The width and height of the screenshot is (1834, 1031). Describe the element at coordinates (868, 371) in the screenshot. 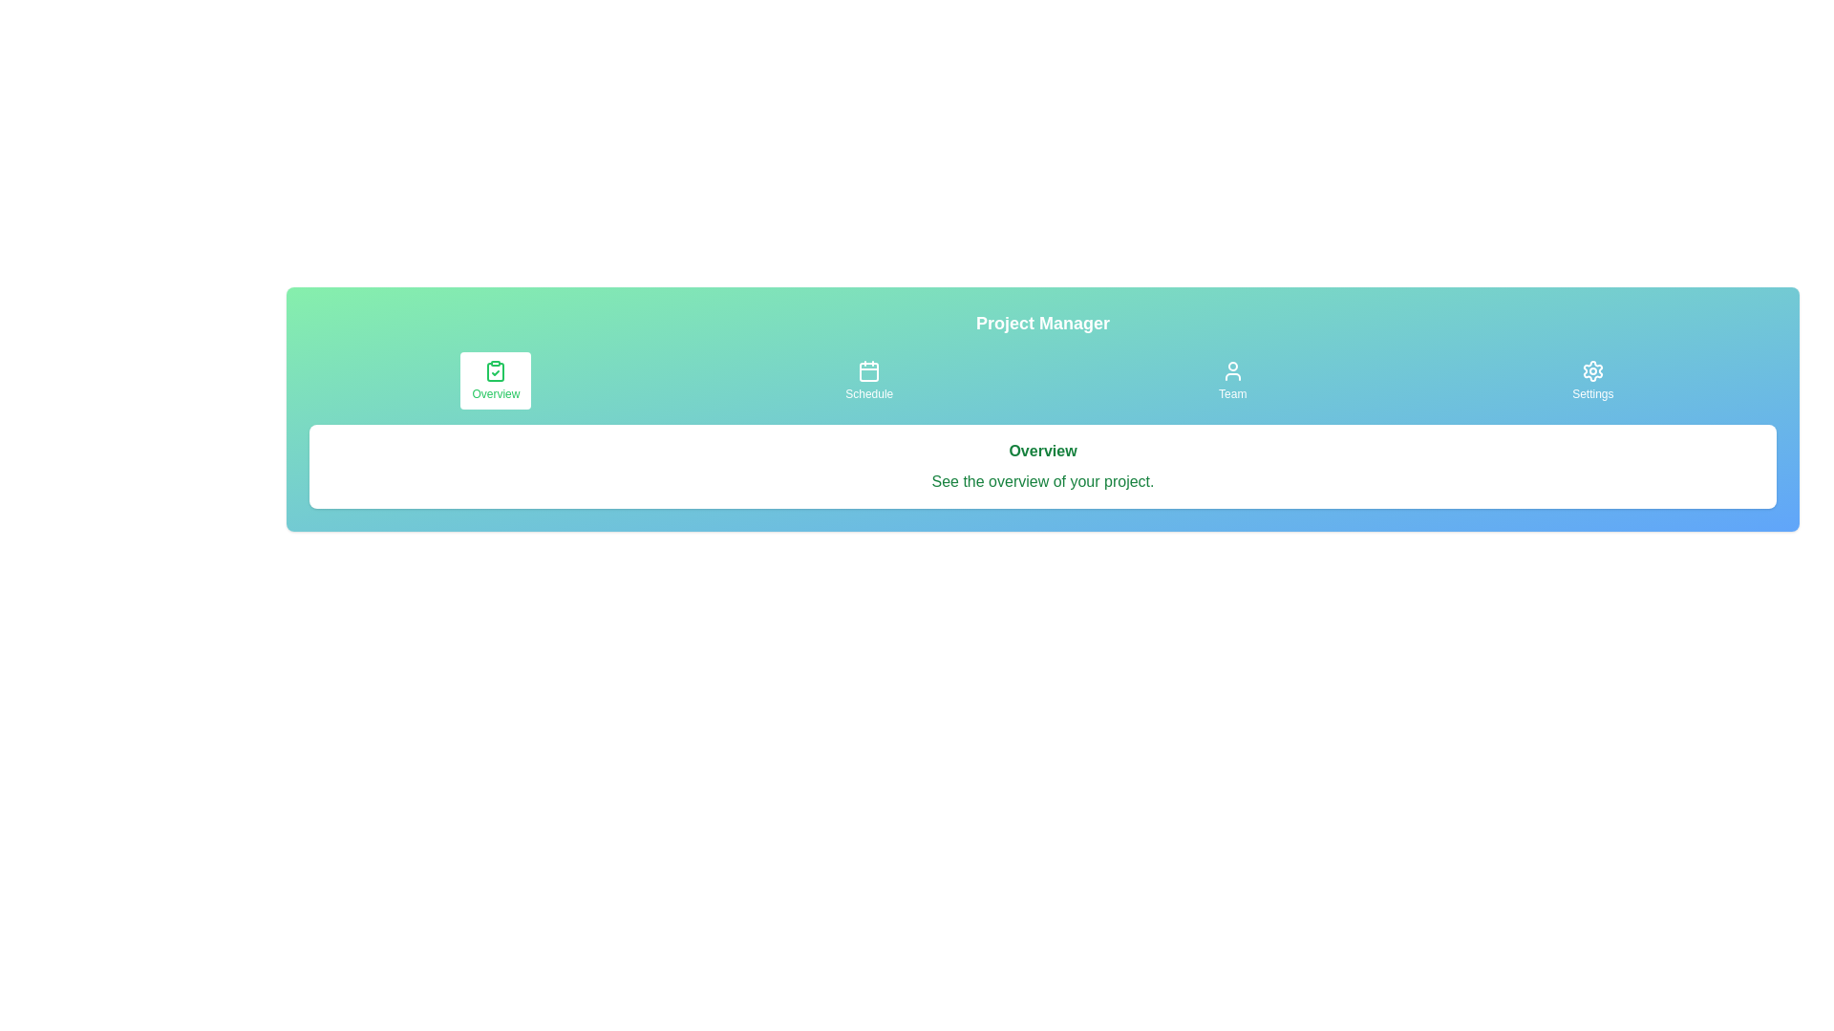

I see `the SVG rectangle component that represents the main body of the calendar icon in the toolbar's second slot labeled 'Schedule'` at that location.